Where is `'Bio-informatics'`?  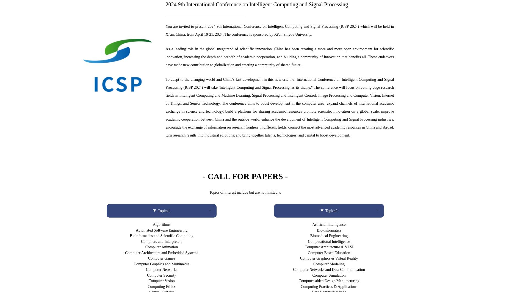 'Bio-informatics' is located at coordinates (329, 230).